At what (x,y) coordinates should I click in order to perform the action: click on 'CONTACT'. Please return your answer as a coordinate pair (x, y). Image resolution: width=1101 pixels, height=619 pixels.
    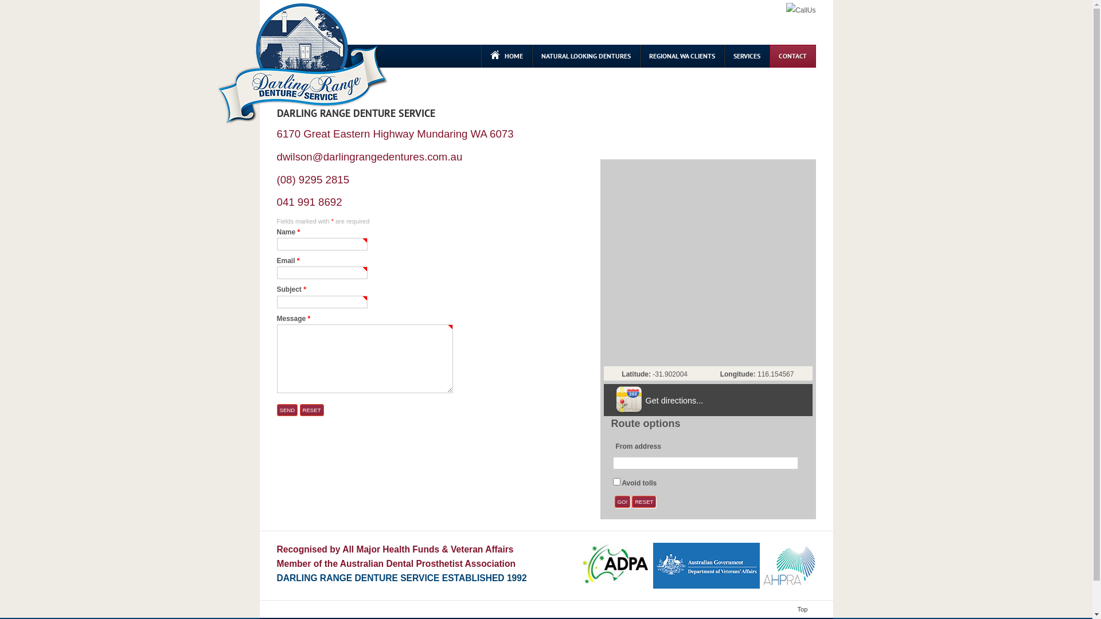
    Looking at the image, I should click on (770, 56).